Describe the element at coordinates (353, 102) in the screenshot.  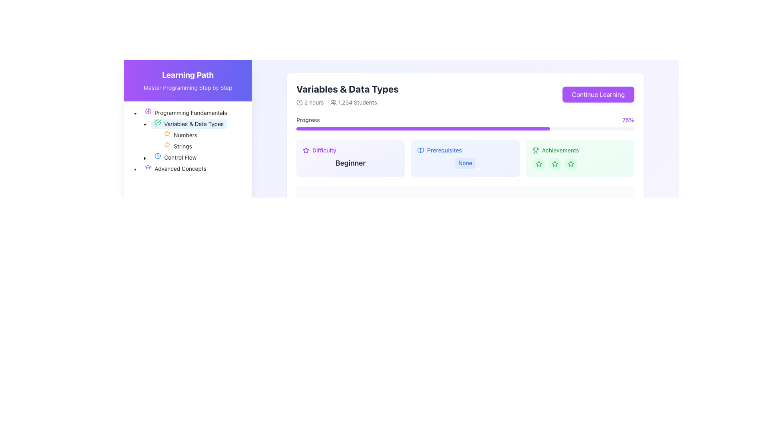
I see `the text label with icon that provides information about the number of students enrolled in the course, located to the right of the '2 hours' label in the course information section` at that location.